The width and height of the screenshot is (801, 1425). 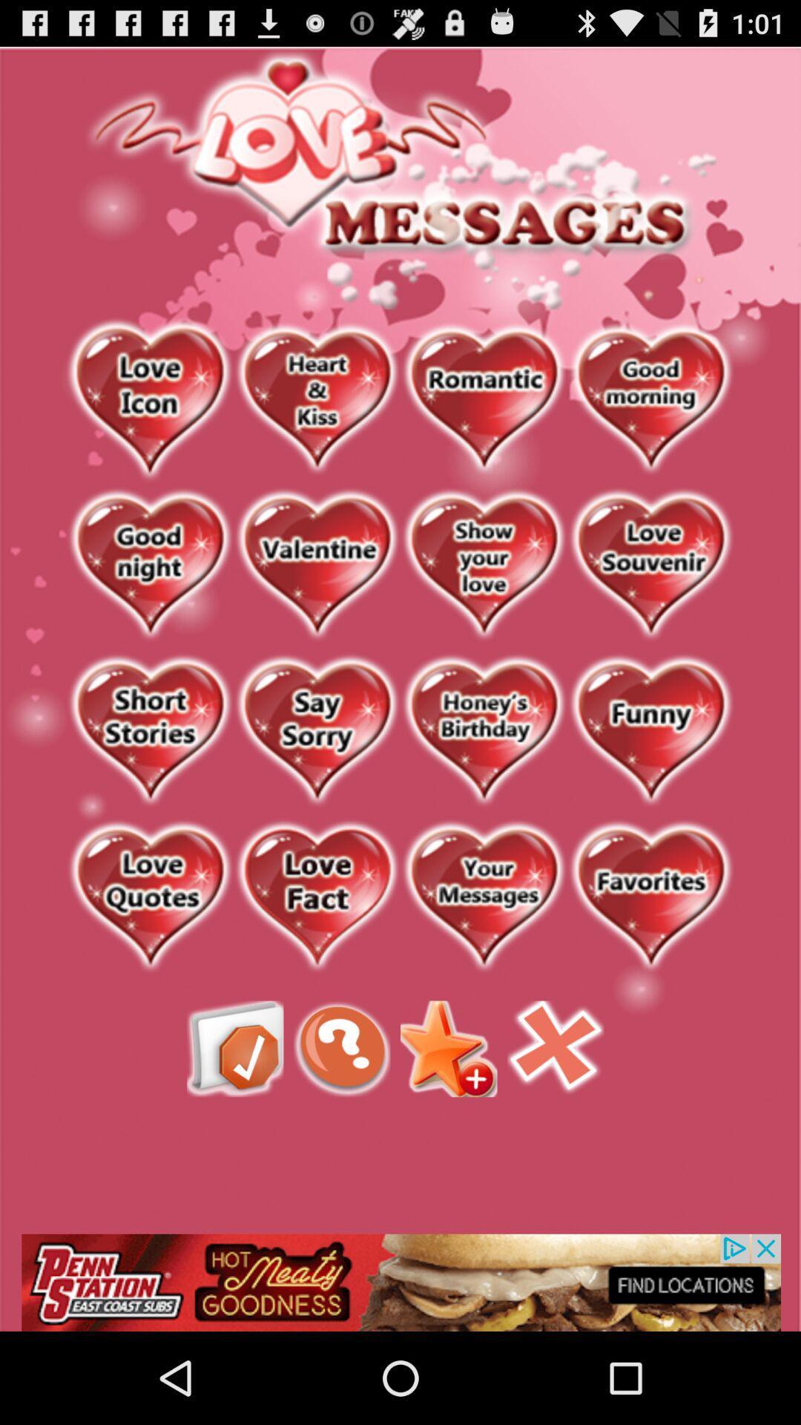 I want to click on favorites, so click(x=650, y=897).